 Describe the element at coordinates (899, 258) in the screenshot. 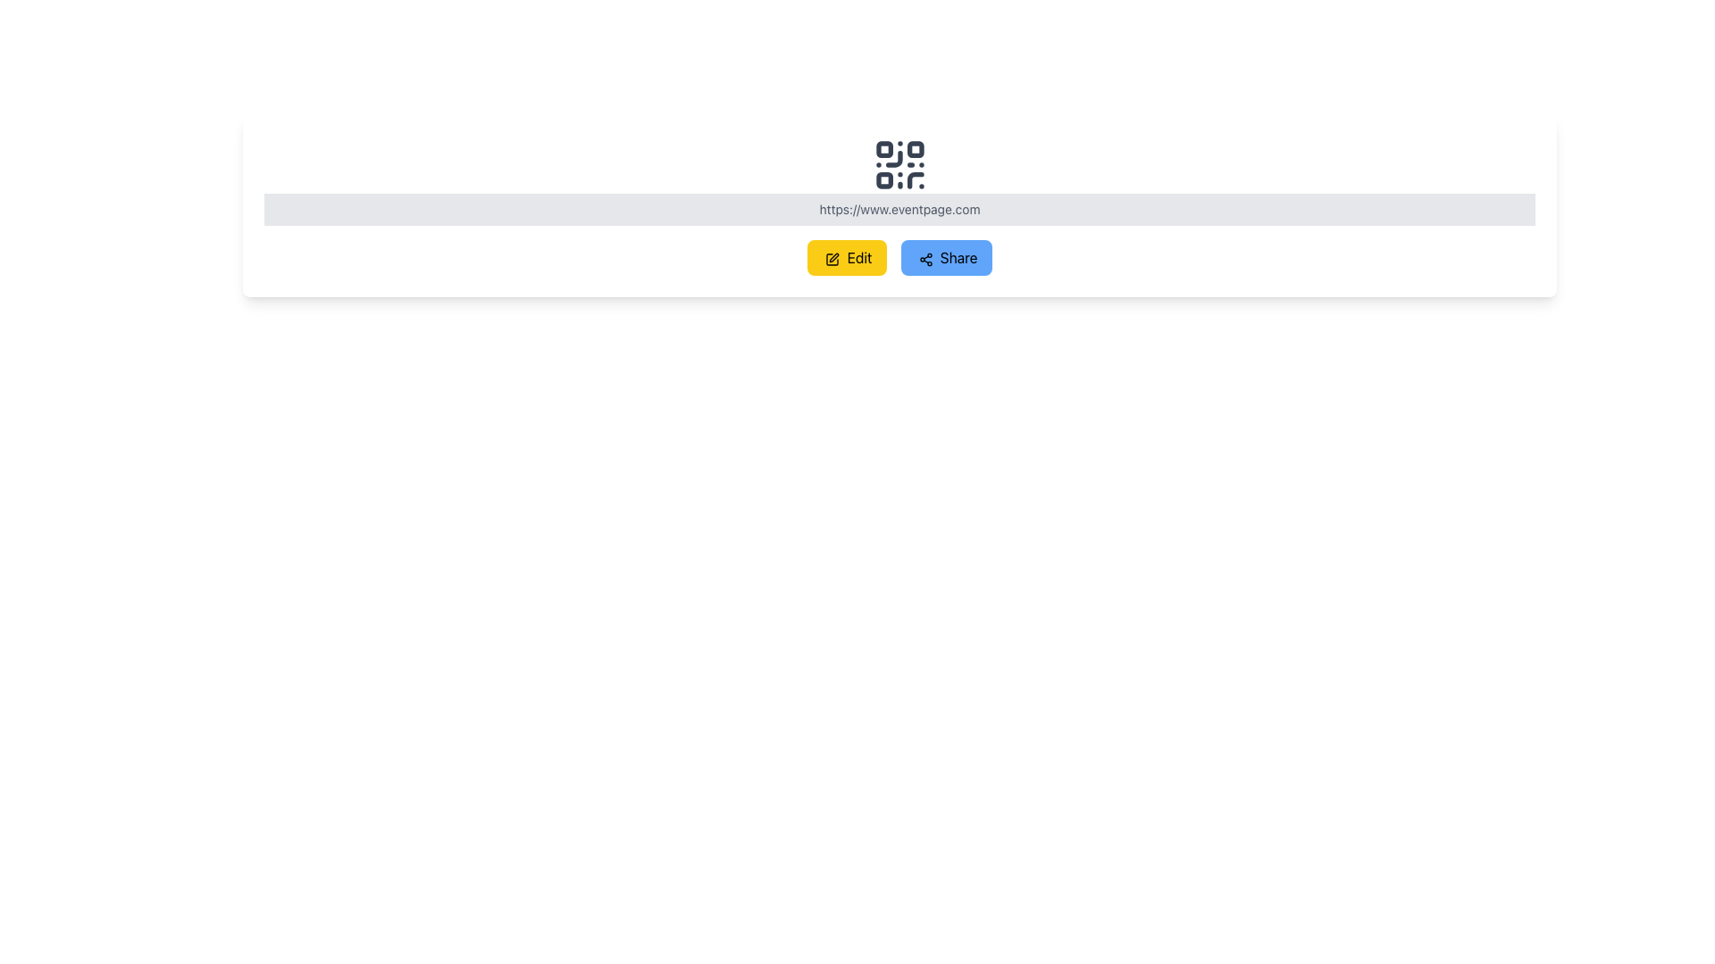

I see `the 'Edit' button located in the group of interactive buttons below the URL bar and QR code graphic` at that location.